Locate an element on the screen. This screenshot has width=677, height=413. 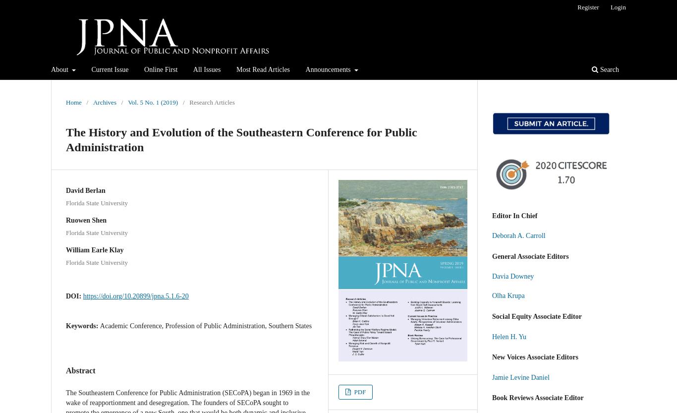
'The History and Evolution of the Southeastern Conference for Public Administration' is located at coordinates (65, 139).